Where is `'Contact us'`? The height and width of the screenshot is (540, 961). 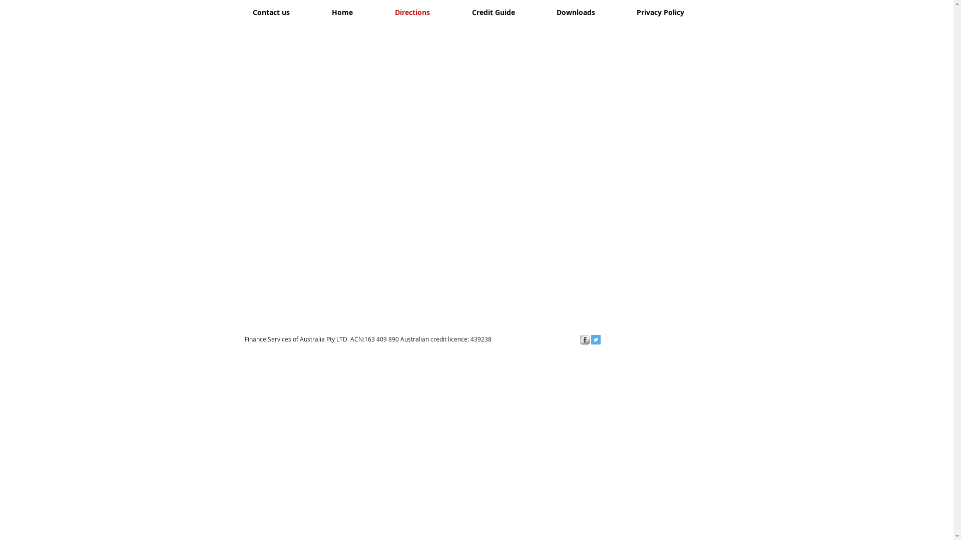
'Contact us' is located at coordinates (271, 12).